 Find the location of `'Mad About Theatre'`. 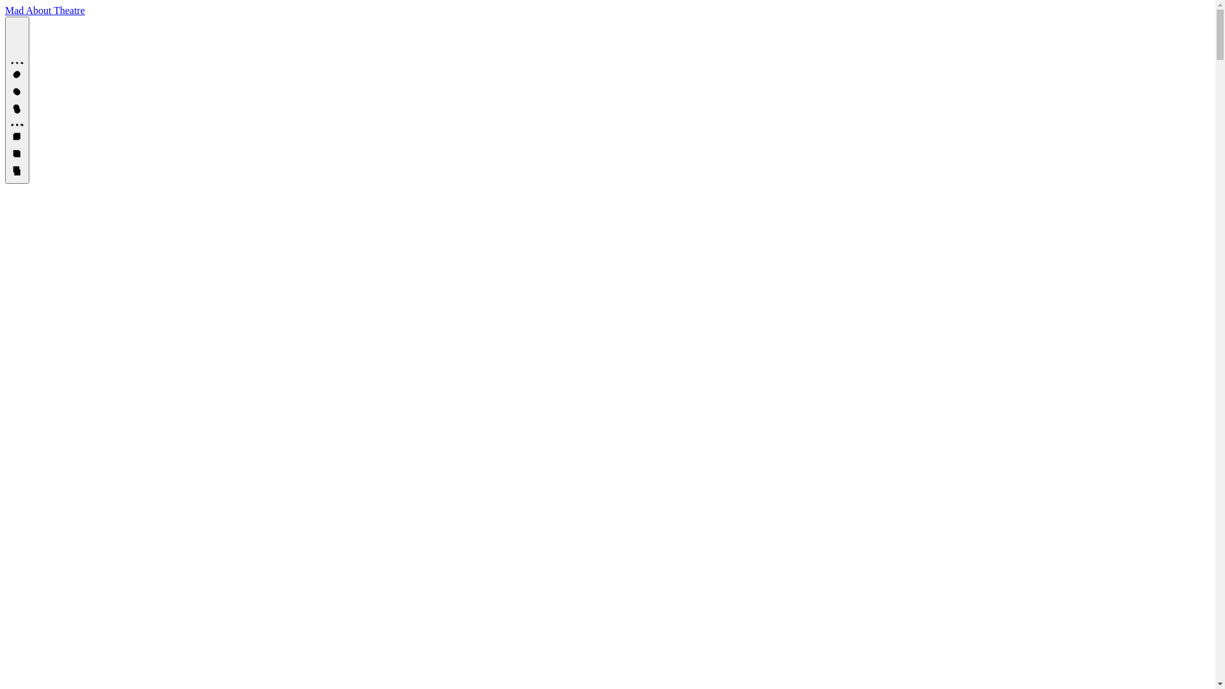

'Mad About Theatre' is located at coordinates (45, 10).